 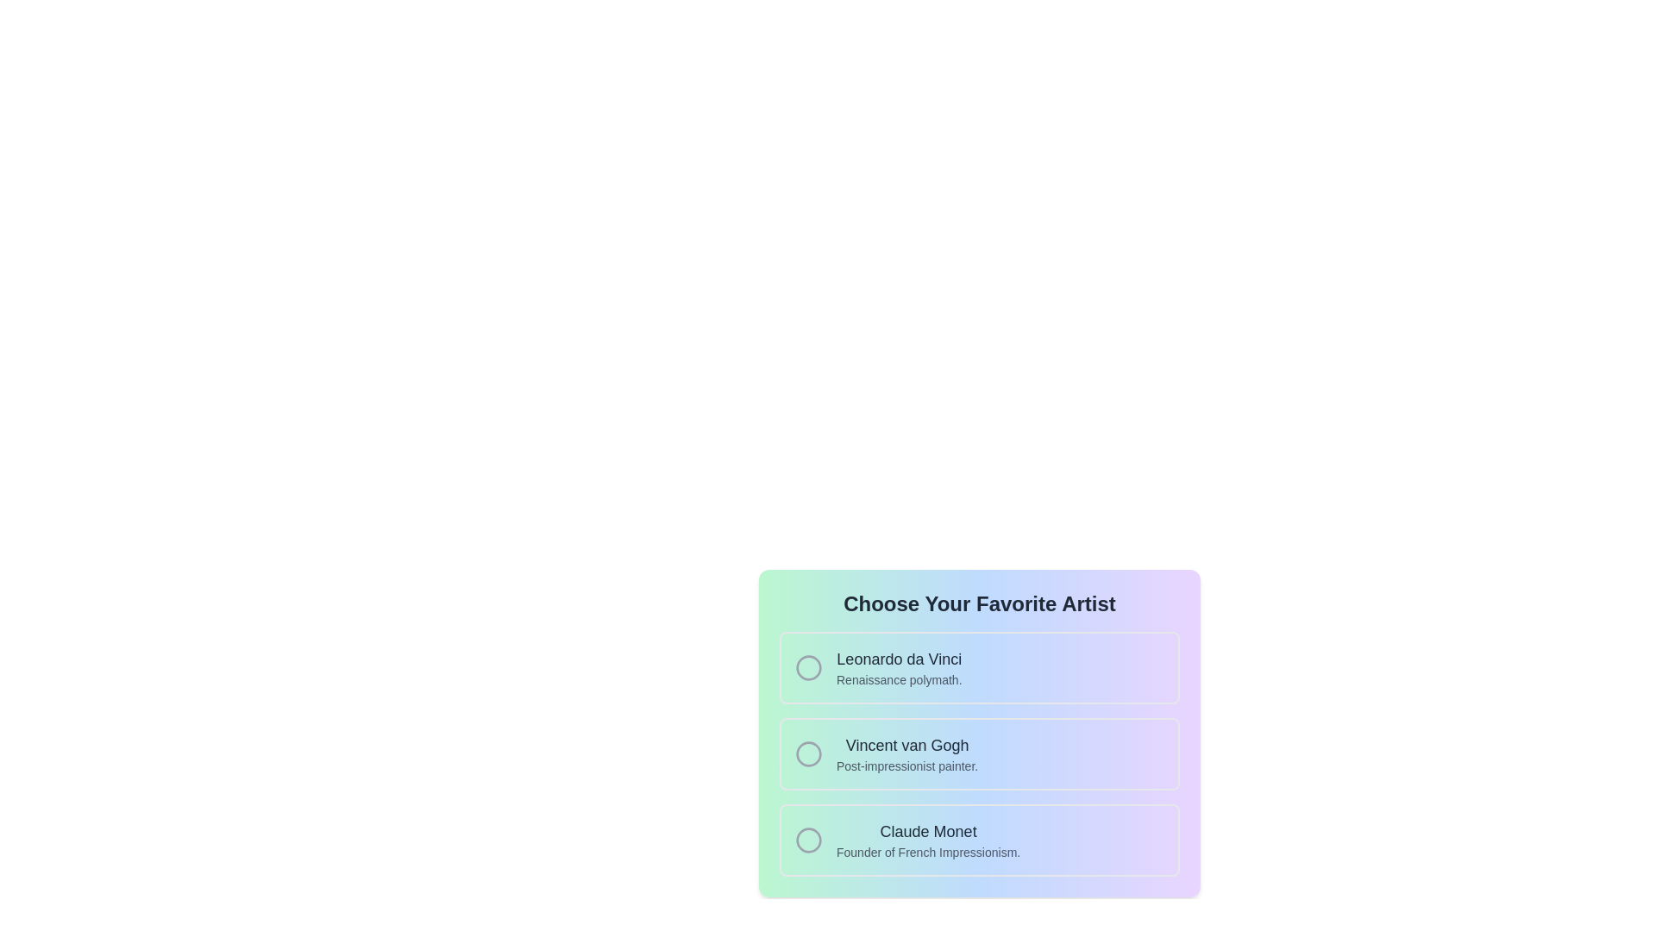 I want to click on the static text label displaying 'Founder of French Impressionism.' which is styled in smaller gray text and positioned below 'Claude Monet' in the 'Choose Your Favorite Artist' list, so click(x=927, y=851).